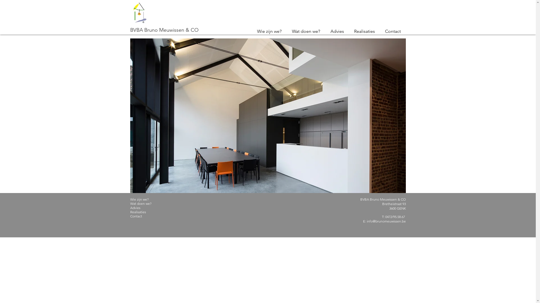 Image resolution: width=540 pixels, height=303 pixels. Describe the element at coordinates (148, 208) in the screenshot. I see `'Advies'` at that location.